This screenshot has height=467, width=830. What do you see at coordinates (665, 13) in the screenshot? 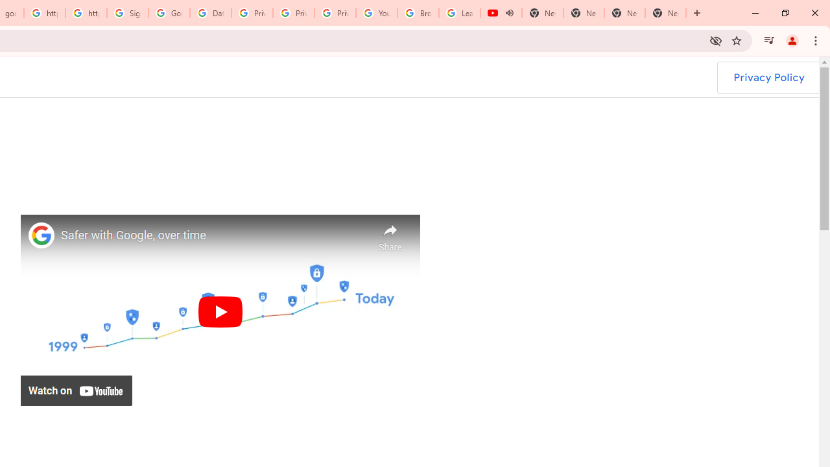
I see `'New Tab'` at bounding box center [665, 13].